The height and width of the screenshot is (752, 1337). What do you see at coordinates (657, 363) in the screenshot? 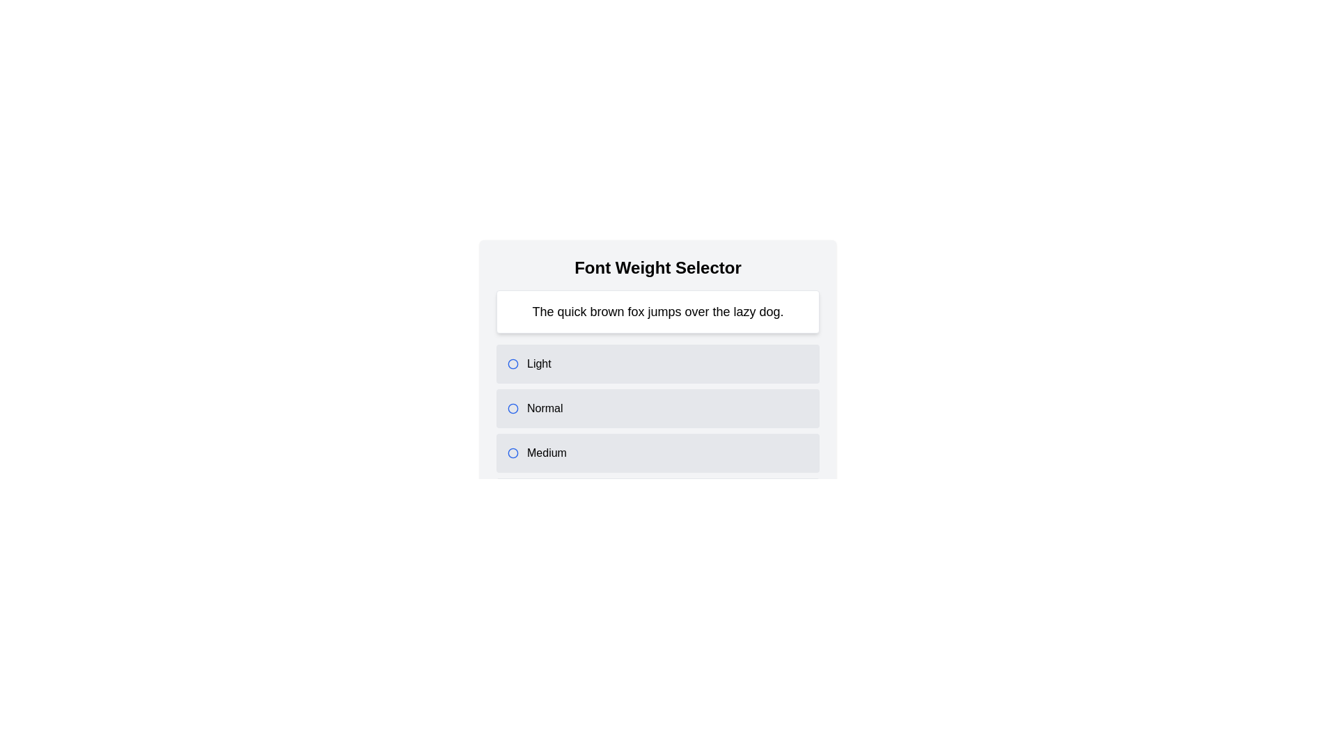
I see `the first selectable list item labeled 'Light', which is styled as an unselected radio button with a blue outline` at bounding box center [657, 363].